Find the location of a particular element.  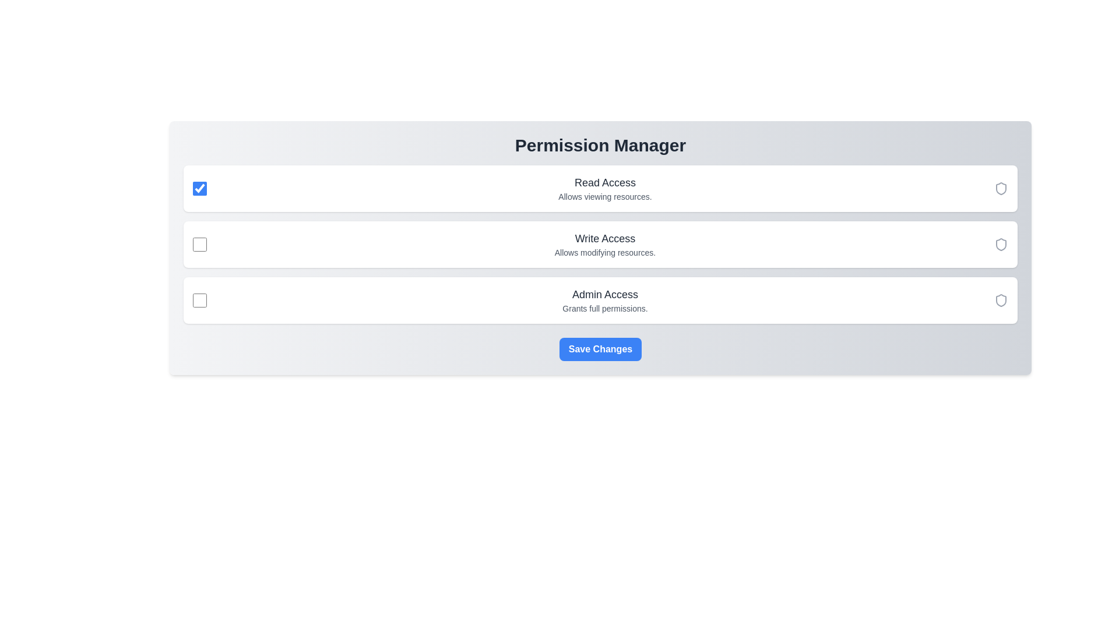

'Save Changes' button to save the current permission settings is located at coordinates (600, 349).